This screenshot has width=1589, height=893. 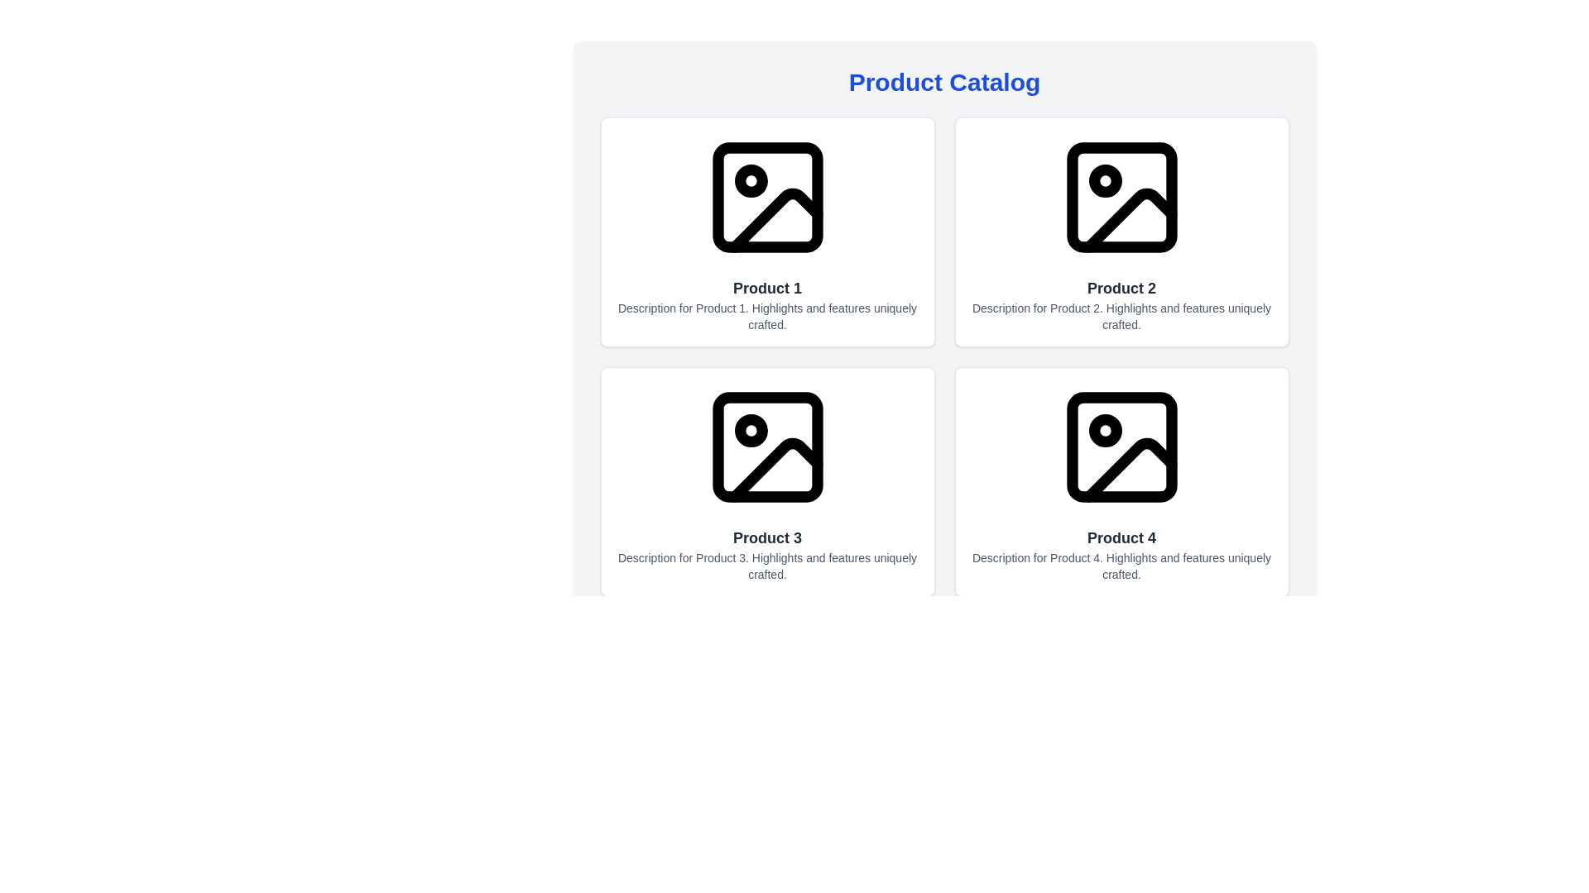 What do you see at coordinates (1129, 219) in the screenshot?
I see `the graphical icon that serves as a decorative mark for the second image placeholder in the grid of product representations` at bounding box center [1129, 219].